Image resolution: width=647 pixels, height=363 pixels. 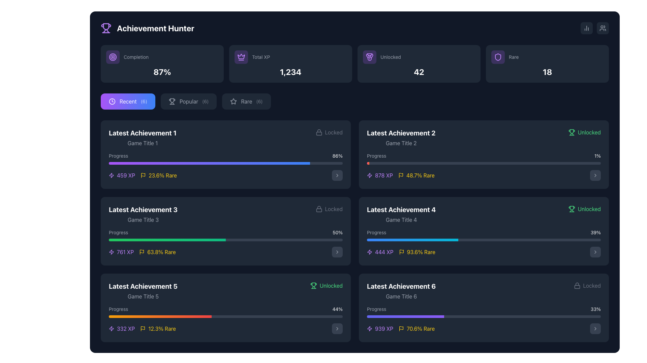 What do you see at coordinates (329, 132) in the screenshot?
I see `the label with an icon indicating that the associated achievement is not yet unlocked or accessible, located in the top-right corner of the 'Latest Achievement 1' section` at bounding box center [329, 132].